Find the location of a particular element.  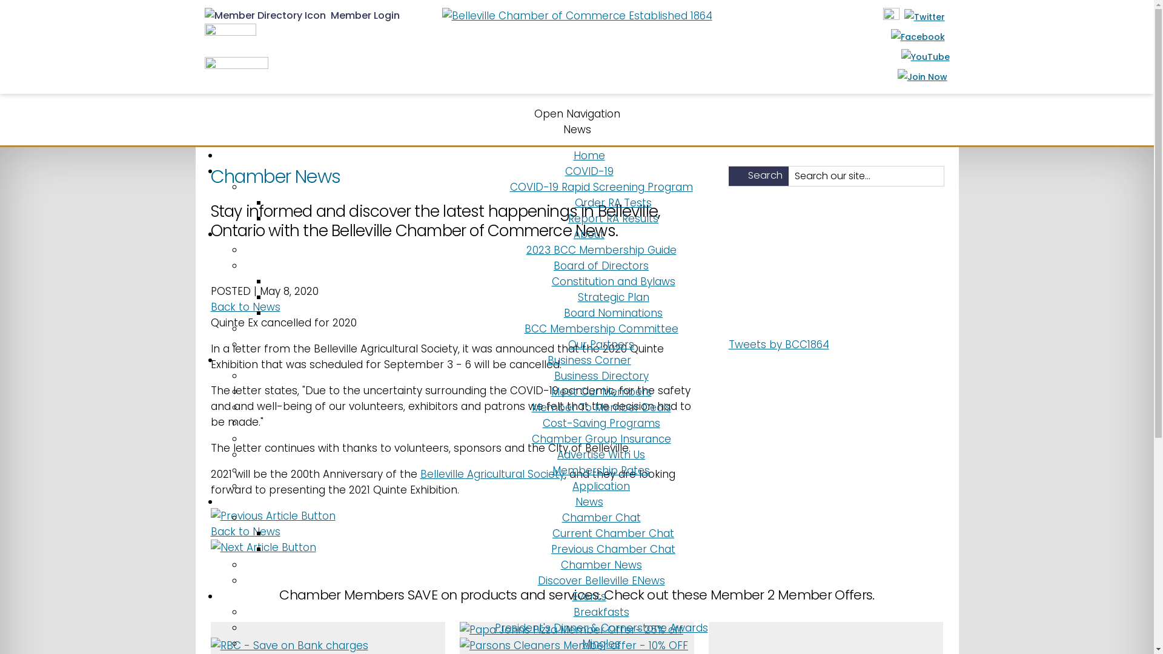

'Search our site...' is located at coordinates (860, 176).